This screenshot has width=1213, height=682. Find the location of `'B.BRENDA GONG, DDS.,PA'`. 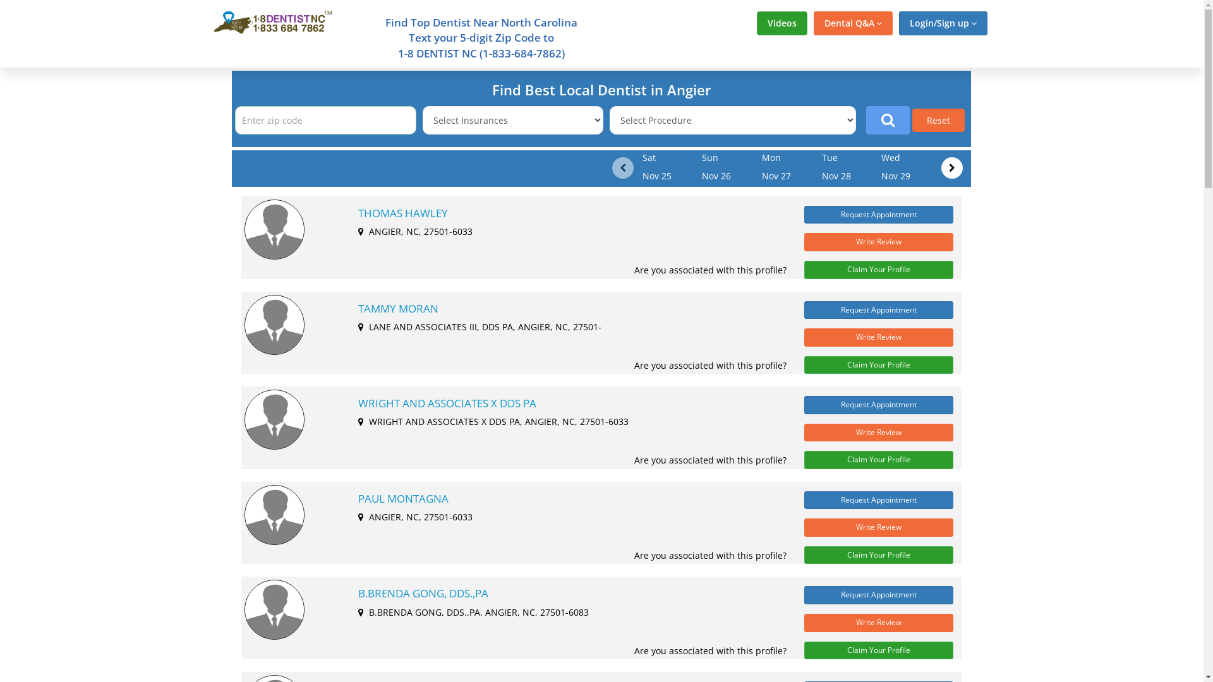

'B.BRENDA GONG, DDS.,PA' is located at coordinates (357, 594).